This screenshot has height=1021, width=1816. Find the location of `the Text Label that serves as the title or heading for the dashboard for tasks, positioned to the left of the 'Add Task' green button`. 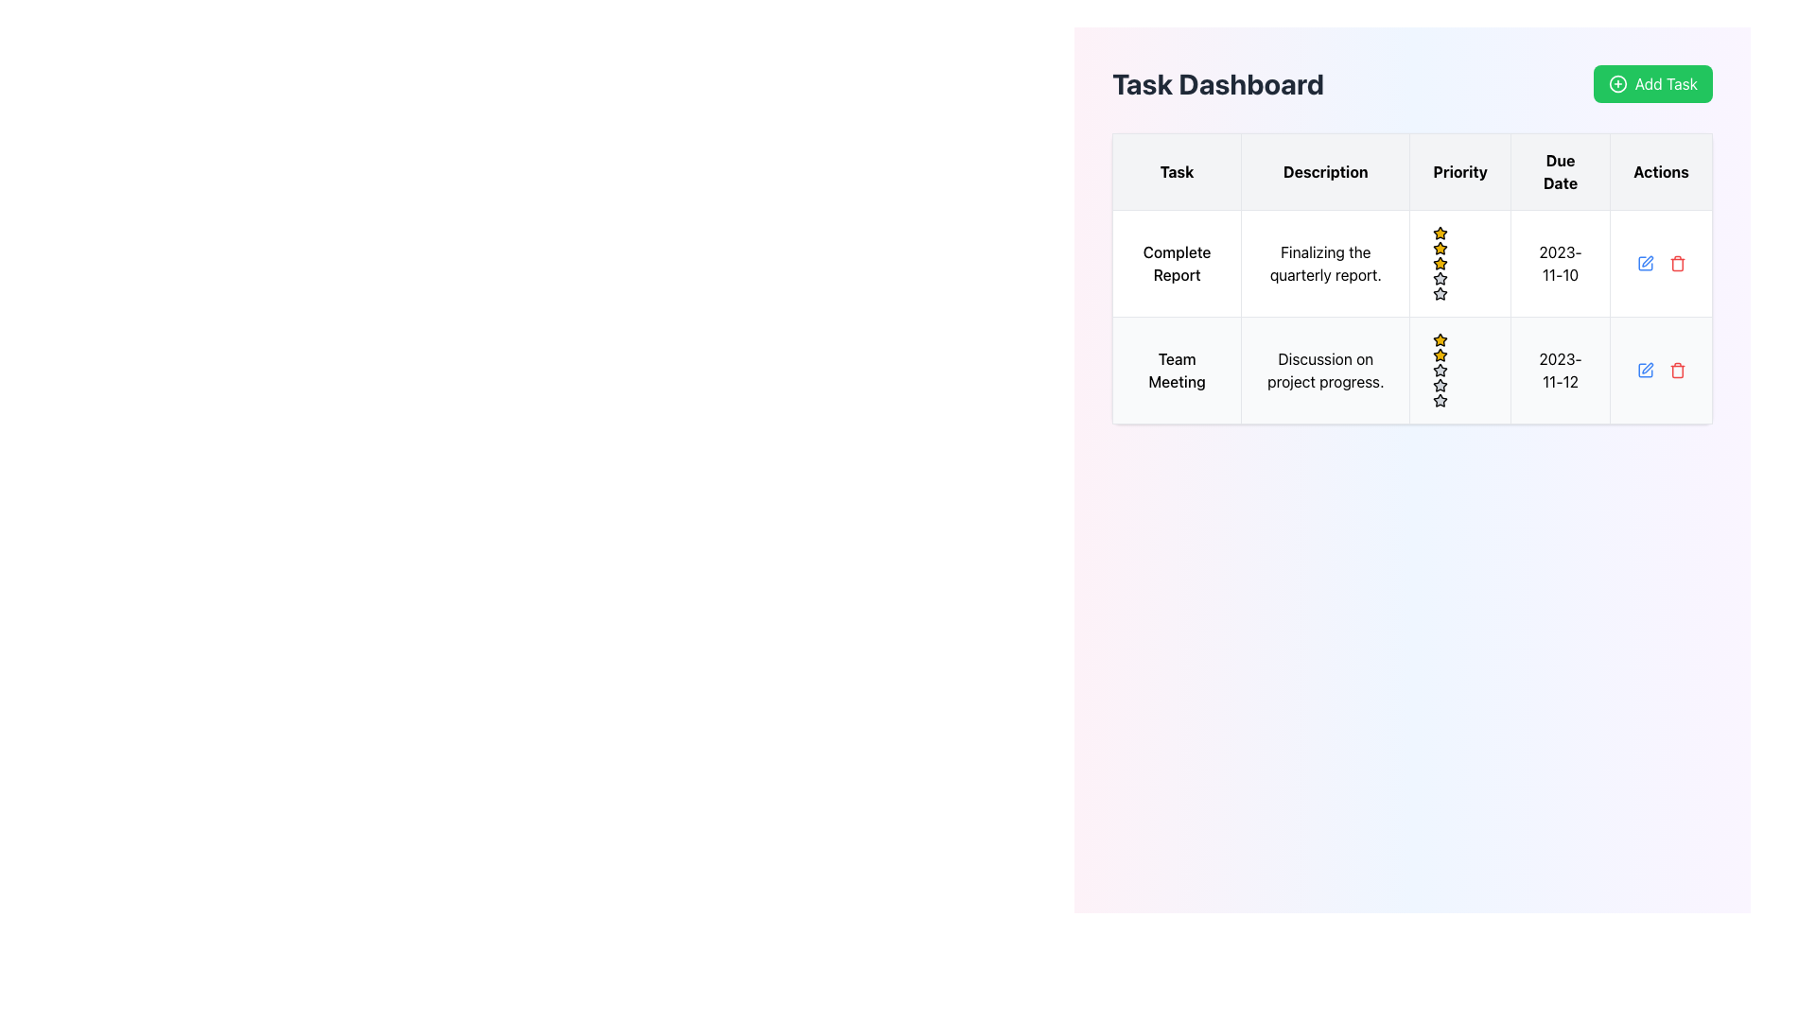

the Text Label that serves as the title or heading for the dashboard for tasks, positioned to the left of the 'Add Task' green button is located at coordinates (1217, 82).